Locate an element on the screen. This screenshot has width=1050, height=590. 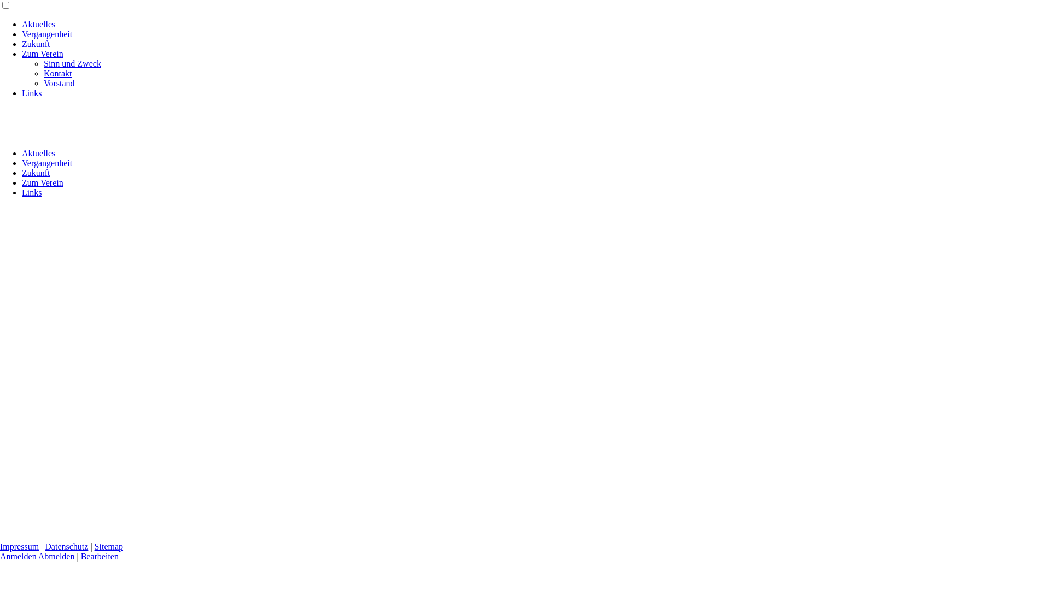
'Abmelden' is located at coordinates (57, 556).